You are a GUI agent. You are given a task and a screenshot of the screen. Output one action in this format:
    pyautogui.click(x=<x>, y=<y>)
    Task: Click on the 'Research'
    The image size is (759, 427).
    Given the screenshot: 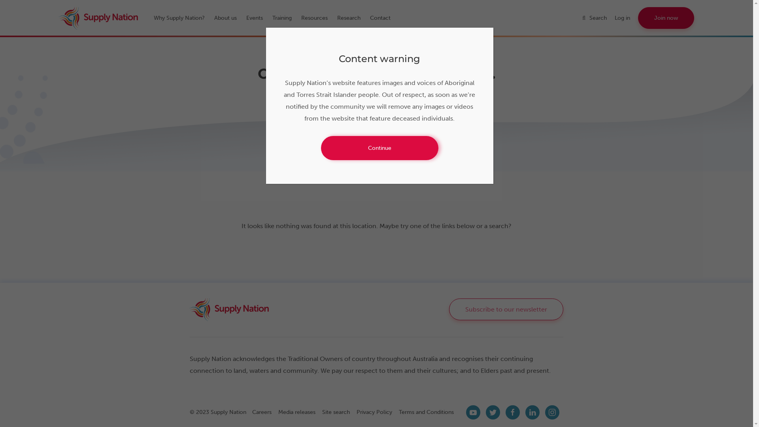 What is the action you would take?
    pyautogui.click(x=352, y=18)
    